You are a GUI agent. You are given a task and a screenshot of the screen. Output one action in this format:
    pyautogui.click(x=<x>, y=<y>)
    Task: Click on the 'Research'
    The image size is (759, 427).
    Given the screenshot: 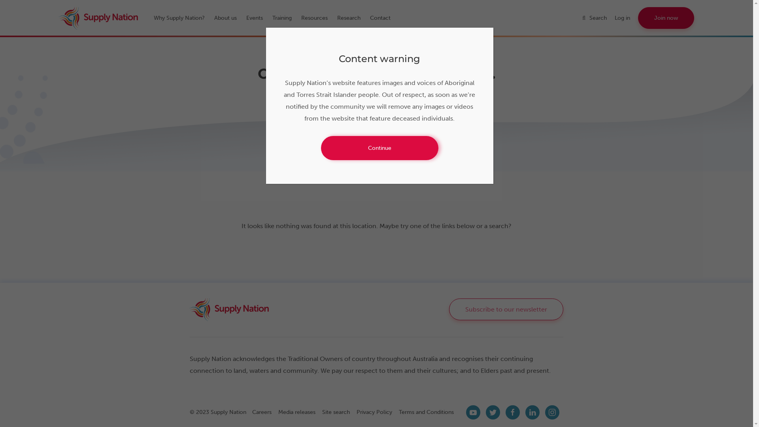 What is the action you would take?
    pyautogui.click(x=352, y=18)
    